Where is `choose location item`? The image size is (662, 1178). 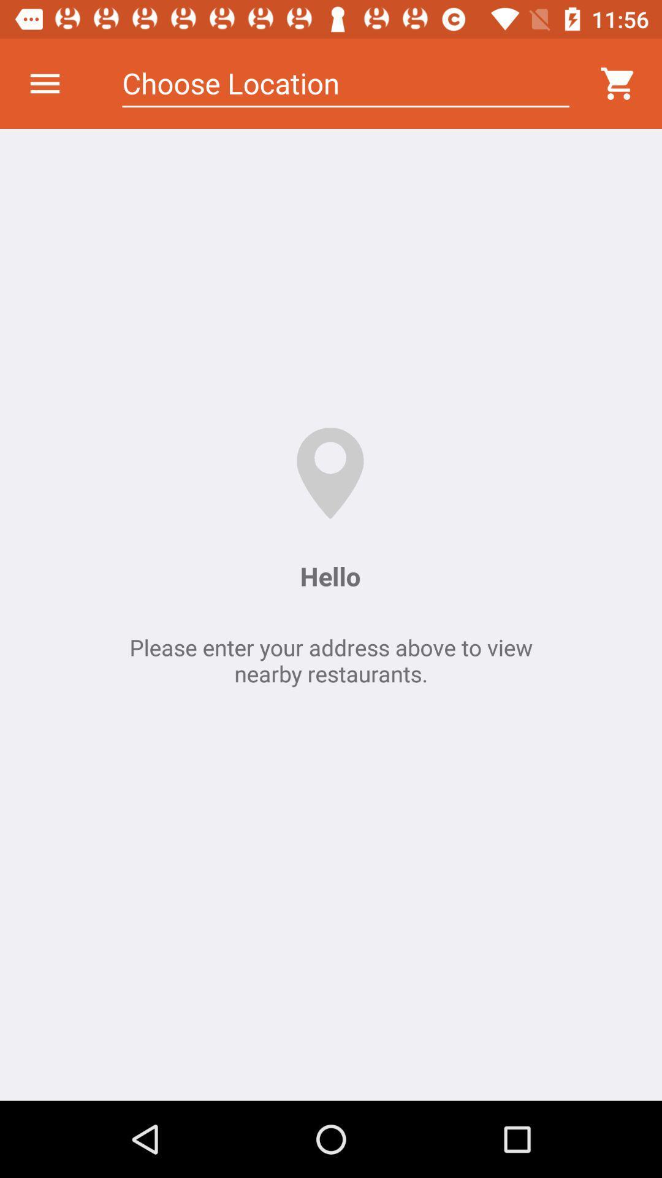
choose location item is located at coordinates (346, 83).